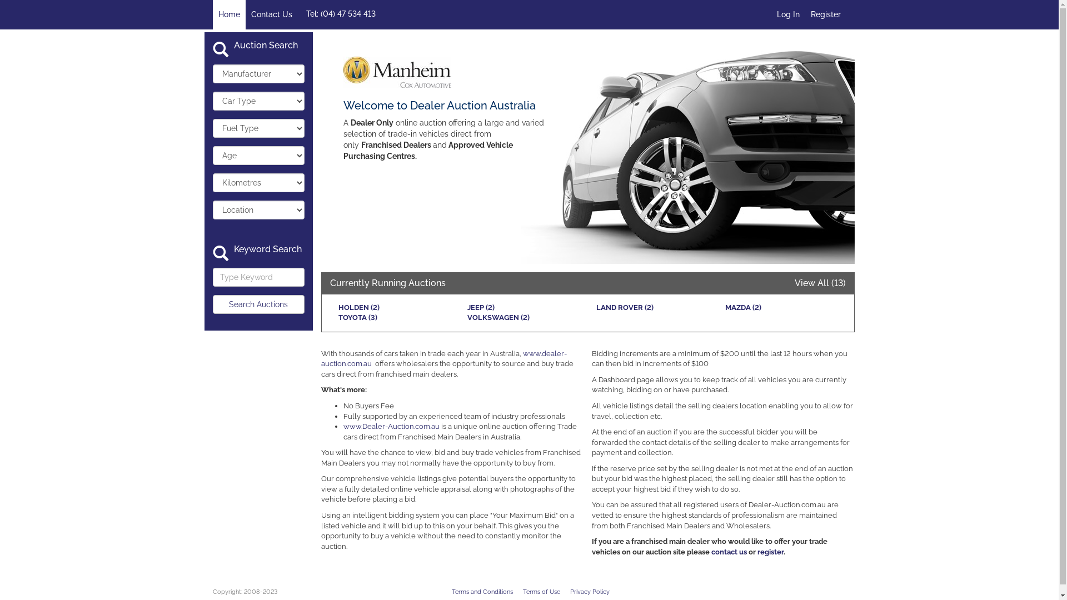 This screenshot has width=1067, height=600. What do you see at coordinates (624, 307) in the screenshot?
I see `'LAND ROVER (2)'` at bounding box center [624, 307].